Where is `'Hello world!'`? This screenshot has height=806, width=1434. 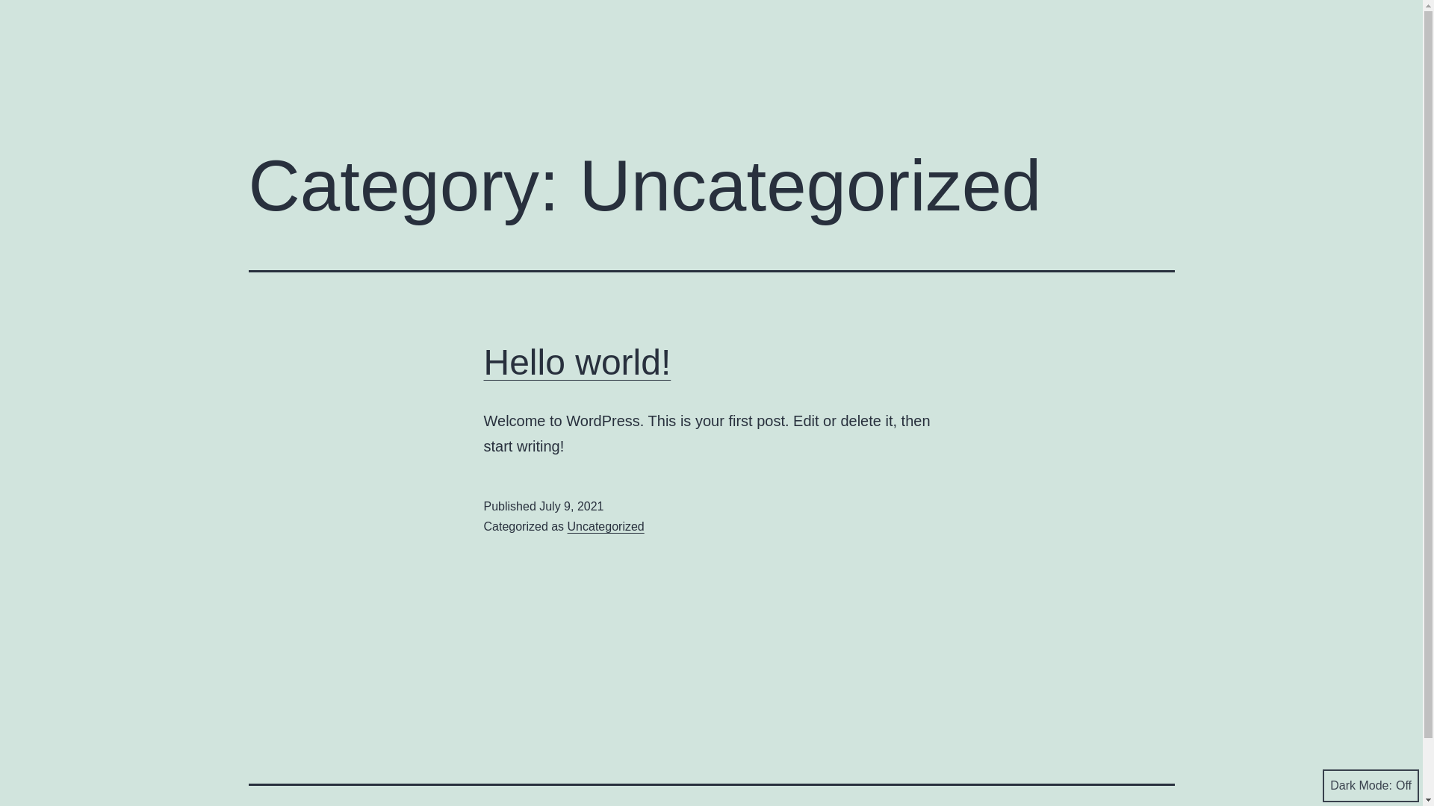 'Hello world!' is located at coordinates (484, 362).